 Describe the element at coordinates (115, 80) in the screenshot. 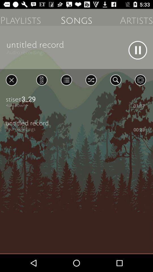

I see `search the name` at that location.